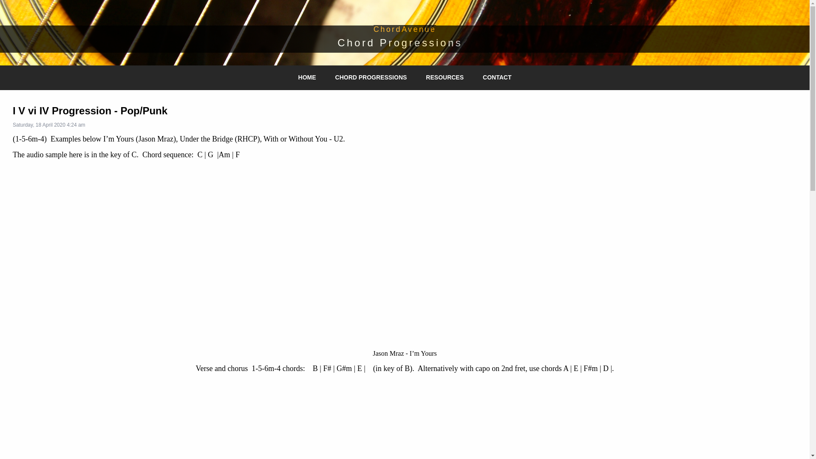 Image resolution: width=816 pixels, height=459 pixels. What do you see at coordinates (479, 77) in the screenshot?
I see `'CONTACT'` at bounding box center [479, 77].